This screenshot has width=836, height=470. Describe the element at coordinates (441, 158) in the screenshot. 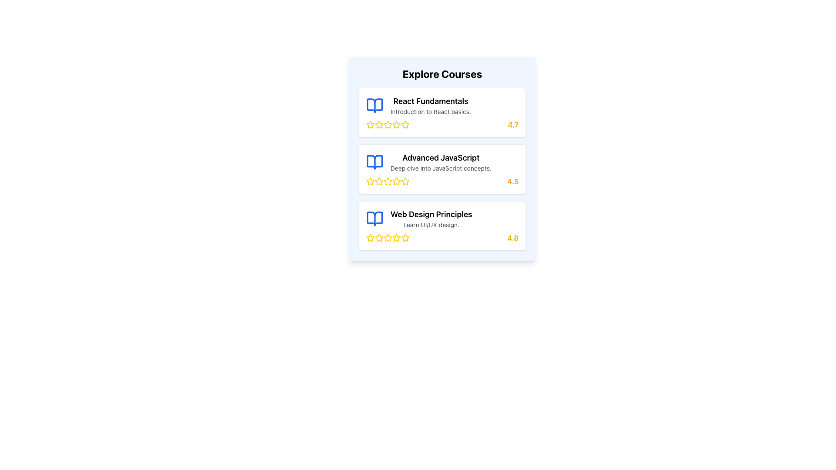

I see `the title text of the second course item, which serves as the primary topic for the course, located between 'React Fundamentals' and 'Web Design Principles'` at that location.